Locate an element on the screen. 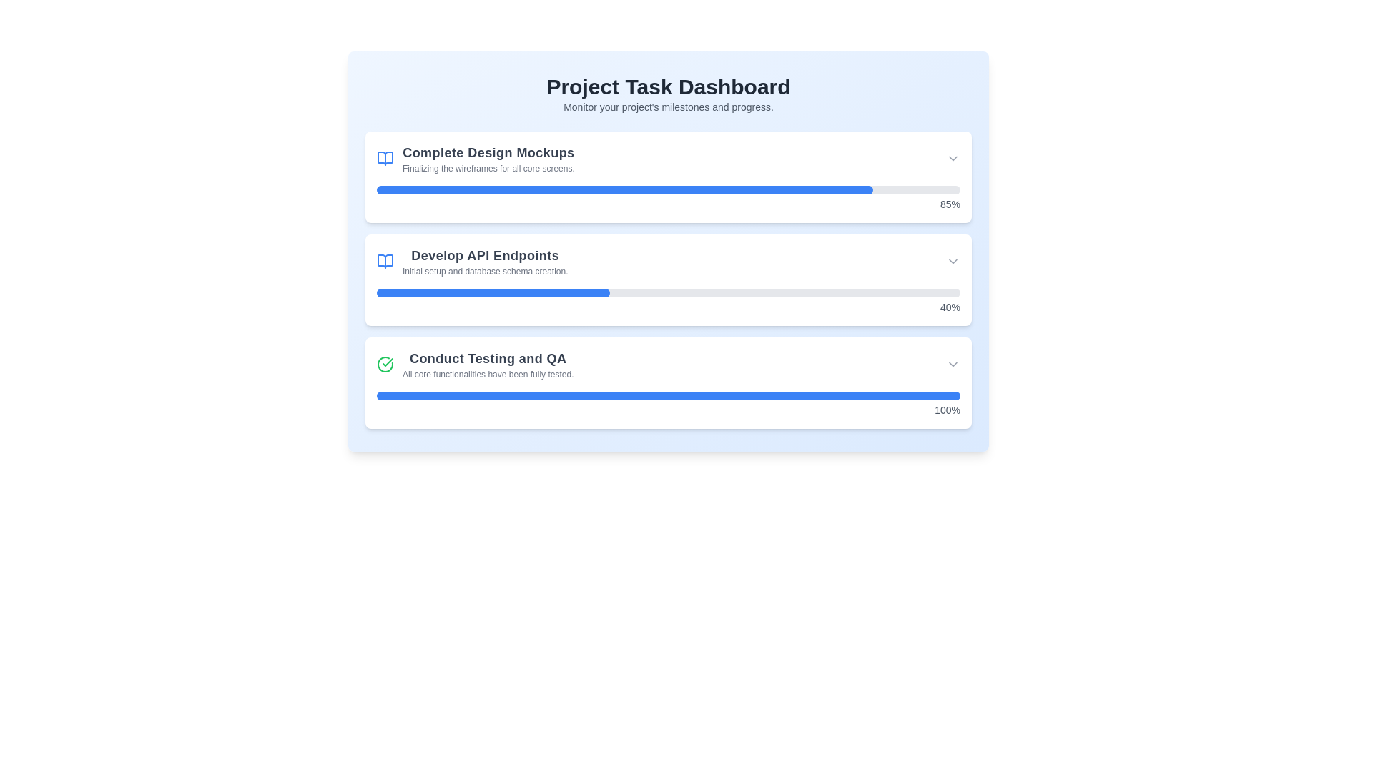 The image size is (1373, 772). the active segment of the progress bar indicating 40% completion for the task 'Develop API Endpoints' is located at coordinates (493, 292).